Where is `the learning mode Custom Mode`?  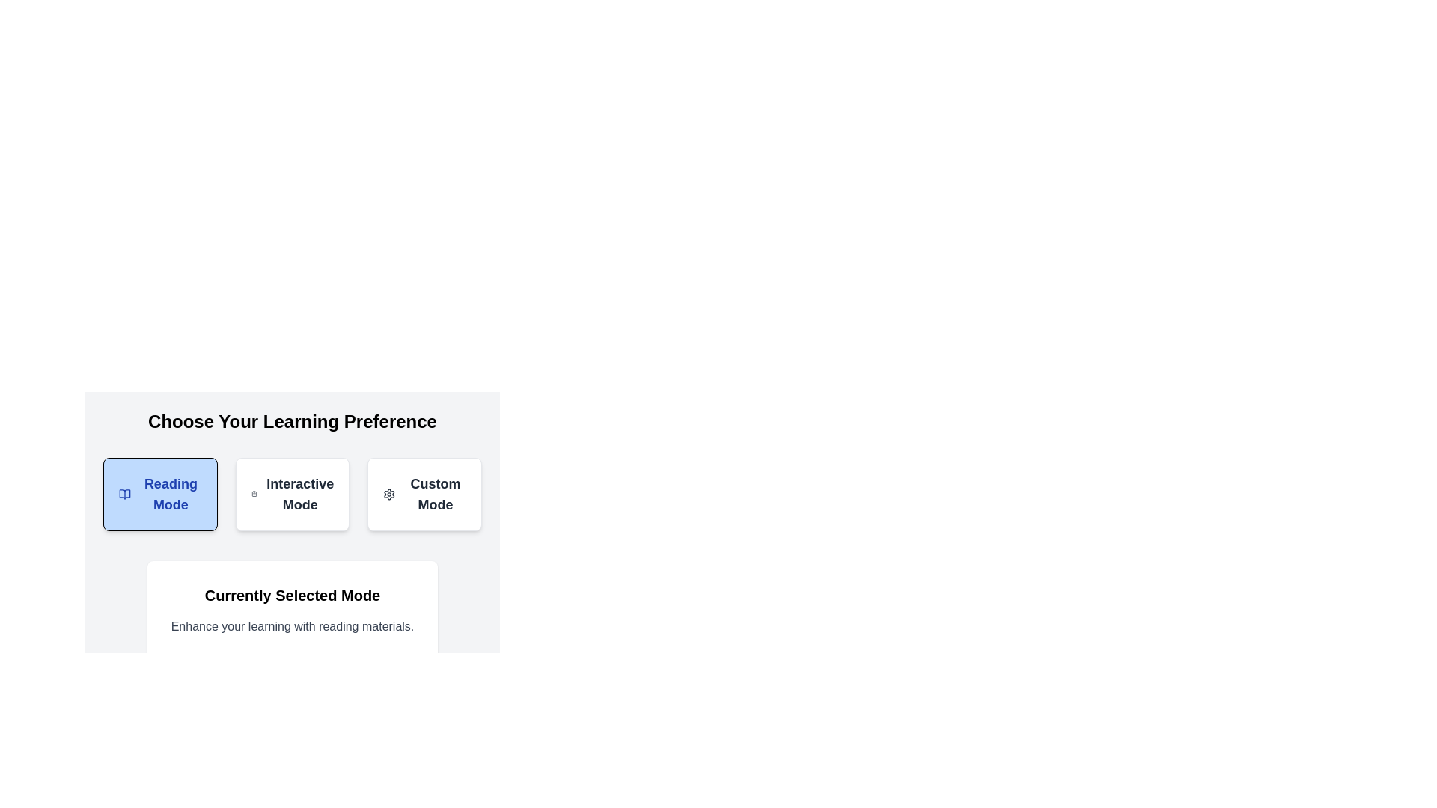
the learning mode Custom Mode is located at coordinates (423, 494).